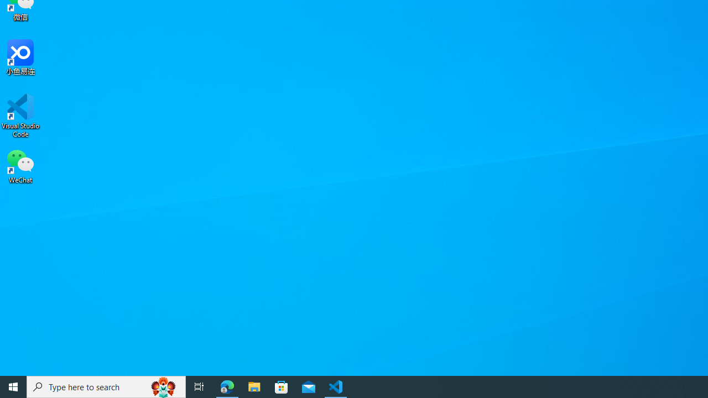 Image resolution: width=708 pixels, height=398 pixels. What do you see at coordinates (227, 386) in the screenshot?
I see `'Microsoft Edge - 1 running window'` at bounding box center [227, 386].